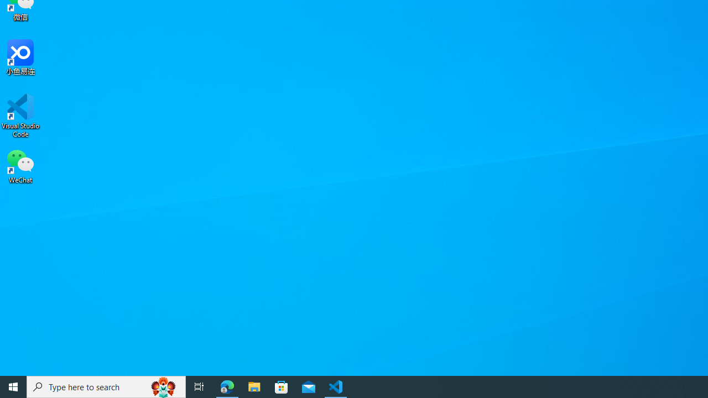 Image resolution: width=708 pixels, height=398 pixels. What do you see at coordinates (227, 386) in the screenshot?
I see `'Microsoft Edge - 1 running window'` at bounding box center [227, 386].